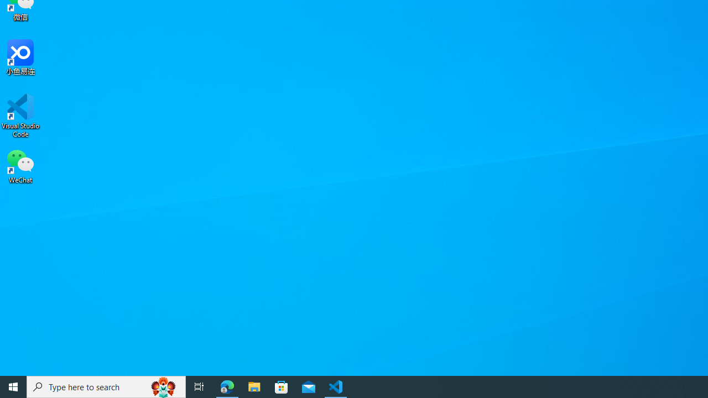 Image resolution: width=708 pixels, height=398 pixels. What do you see at coordinates (227, 386) in the screenshot?
I see `'Microsoft Edge - 1 running window'` at bounding box center [227, 386].